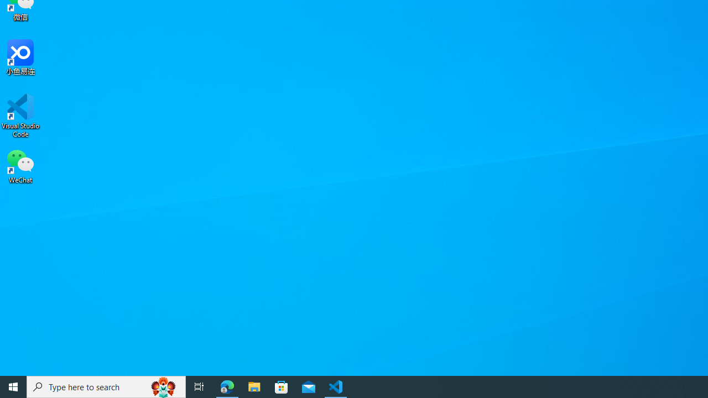 Image resolution: width=708 pixels, height=398 pixels. What do you see at coordinates (227, 386) in the screenshot?
I see `'Microsoft Edge - 1 running window'` at bounding box center [227, 386].